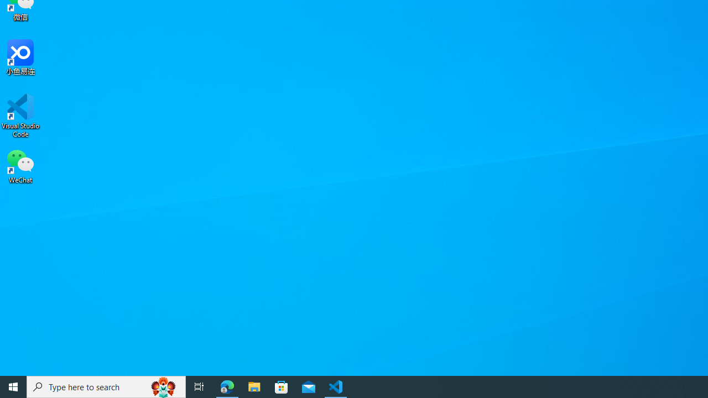 Image resolution: width=708 pixels, height=398 pixels. What do you see at coordinates (227, 386) in the screenshot?
I see `'Microsoft Edge - 1 running window'` at bounding box center [227, 386].